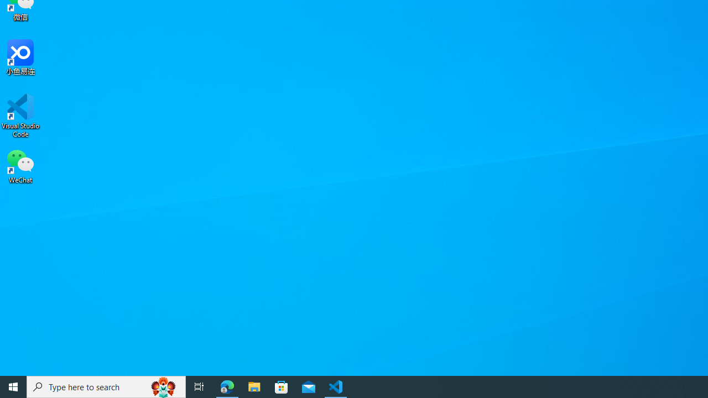 Image resolution: width=708 pixels, height=398 pixels. What do you see at coordinates (227, 386) in the screenshot?
I see `'Microsoft Edge - 1 running window'` at bounding box center [227, 386].